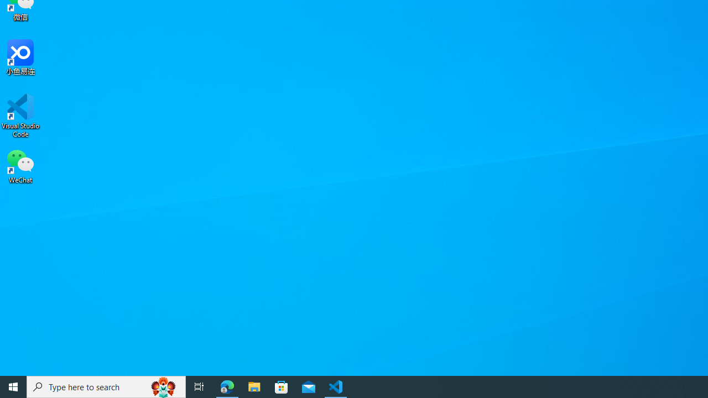 Image resolution: width=708 pixels, height=398 pixels. What do you see at coordinates (227, 386) in the screenshot?
I see `'Microsoft Edge - 1 running window'` at bounding box center [227, 386].